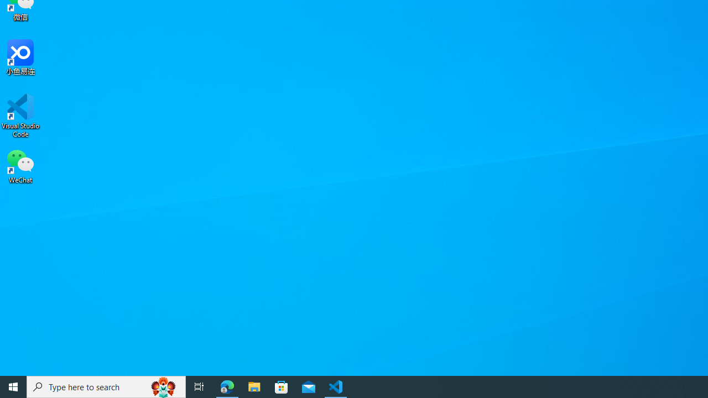 Image resolution: width=708 pixels, height=398 pixels. What do you see at coordinates (227, 386) in the screenshot?
I see `'Microsoft Edge - 1 running window'` at bounding box center [227, 386].